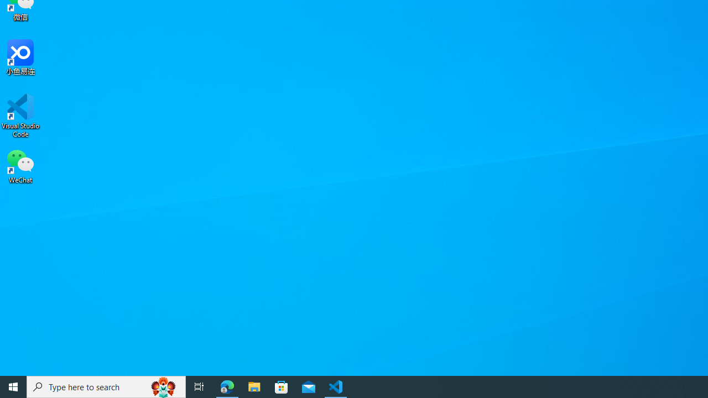 Image resolution: width=708 pixels, height=398 pixels. What do you see at coordinates (227, 386) in the screenshot?
I see `'Microsoft Edge - 1 running window'` at bounding box center [227, 386].